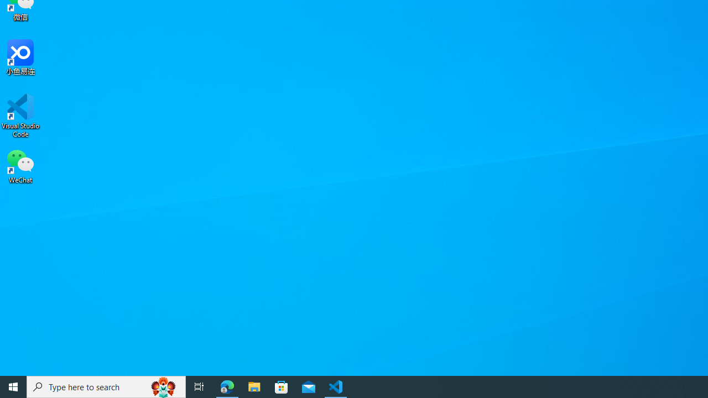 Image resolution: width=708 pixels, height=398 pixels. What do you see at coordinates (227, 386) in the screenshot?
I see `'Microsoft Edge - 1 running window'` at bounding box center [227, 386].